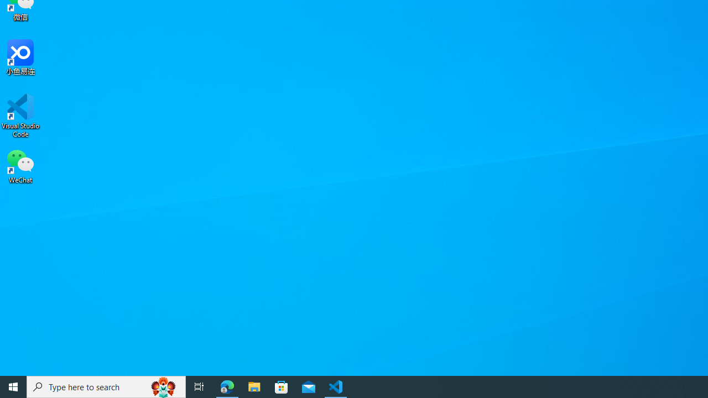 Image resolution: width=708 pixels, height=398 pixels. What do you see at coordinates (227, 386) in the screenshot?
I see `'Microsoft Edge - 1 running window'` at bounding box center [227, 386].